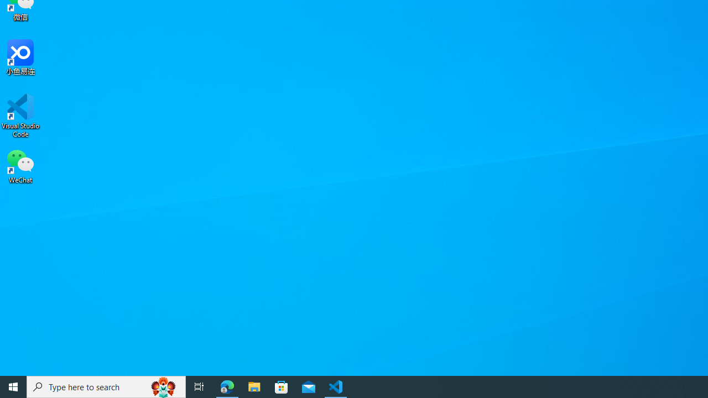 Image resolution: width=708 pixels, height=398 pixels. What do you see at coordinates (227, 386) in the screenshot?
I see `'Microsoft Edge - 1 running window'` at bounding box center [227, 386].